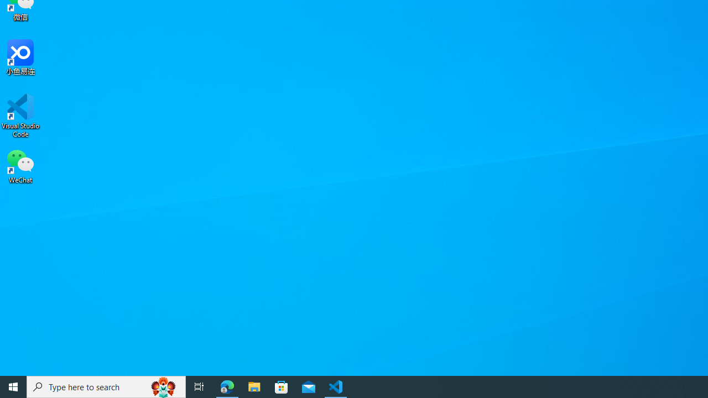 Image resolution: width=708 pixels, height=398 pixels. What do you see at coordinates (227, 386) in the screenshot?
I see `'Microsoft Edge - 1 running window'` at bounding box center [227, 386].